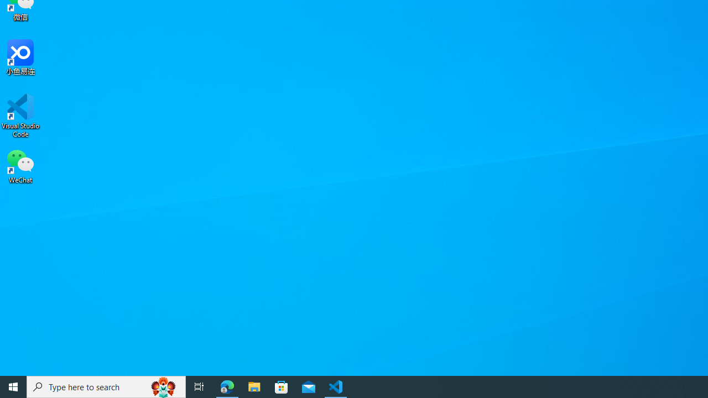 Image resolution: width=708 pixels, height=398 pixels. What do you see at coordinates (227, 386) in the screenshot?
I see `'Microsoft Edge - 1 running window'` at bounding box center [227, 386].